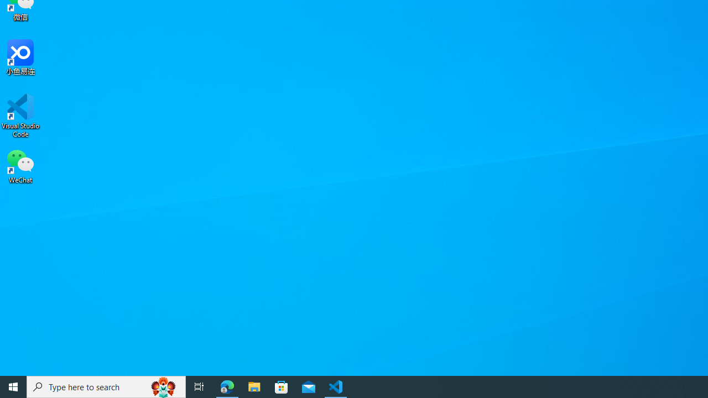 Image resolution: width=708 pixels, height=398 pixels. What do you see at coordinates (227, 386) in the screenshot?
I see `'Microsoft Edge - 1 running window'` at bounding box center [227, 386].